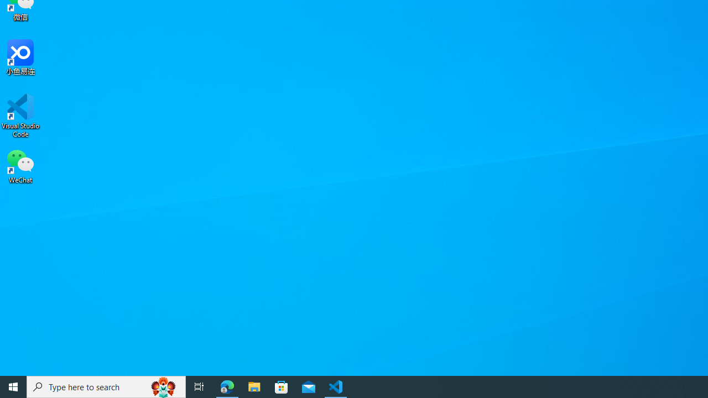 Image resolution: width=708 pixels, height=398 pixels. What do you see at coordinates (227, 386) in the screenshot?
I see `'Microsoft Edge - 1 running window'` at bounding box center [227, 386].